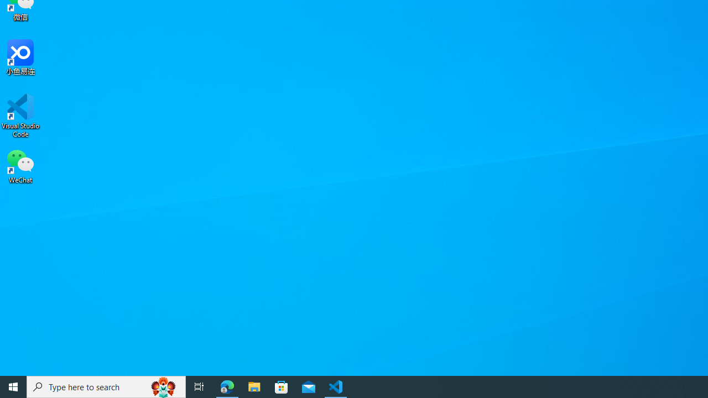 Image resolution: width=708 pixels, height=398 pixels. What do you see at coordinates (227, 386) in the screenshot?
I see `'Microsoft Edge - 1 running window'` at bounding box center [227, 386].